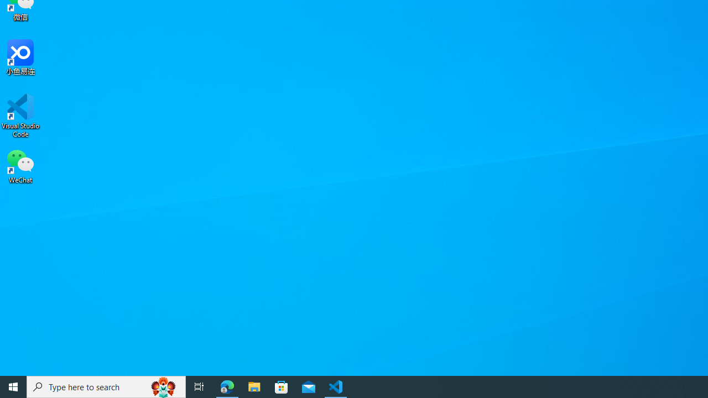 Image resolution: width=708 pixels, height=398 pixels. What do you see at coordinates (227, 386) in the screenshot?
I see `'Microsoft Edge - 1 running window'` at bounding box center [227, 386].